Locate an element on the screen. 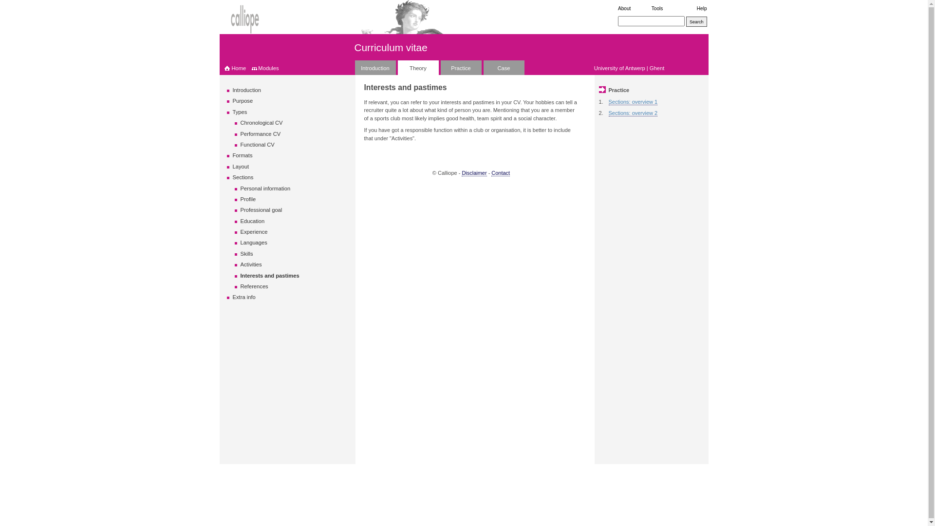  'Ghent' is located at coordinates (656, 67).